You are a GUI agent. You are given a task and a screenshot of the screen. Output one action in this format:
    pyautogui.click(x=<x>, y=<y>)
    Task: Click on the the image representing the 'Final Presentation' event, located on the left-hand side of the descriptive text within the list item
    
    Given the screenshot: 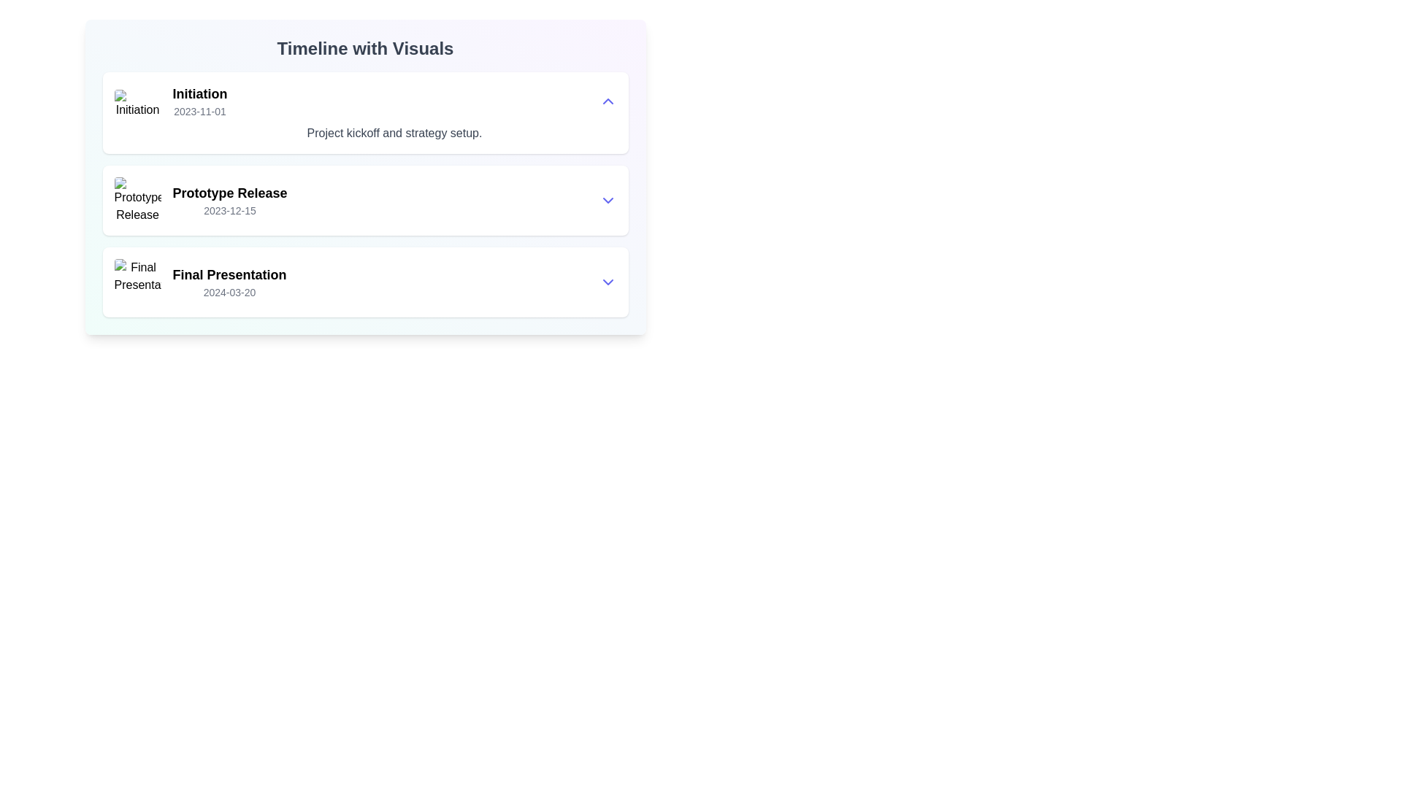 What is the action you would take?
    pyautogui.click(x=137, y=282)
    